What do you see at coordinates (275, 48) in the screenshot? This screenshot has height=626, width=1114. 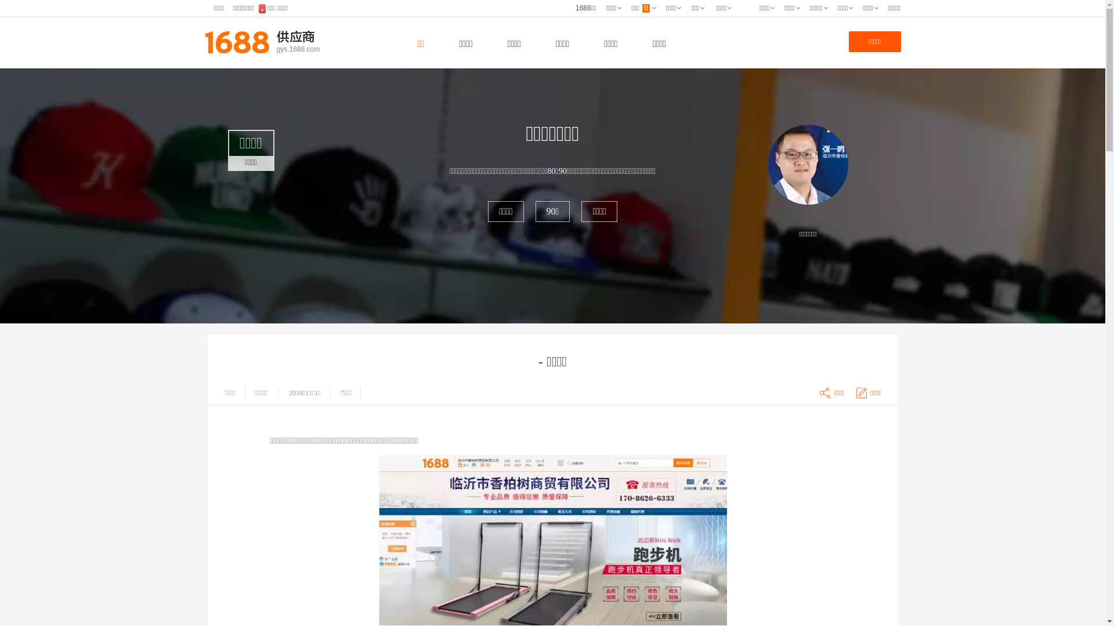 I see `'gys.1688.com'` at bounding box center [275, 48].